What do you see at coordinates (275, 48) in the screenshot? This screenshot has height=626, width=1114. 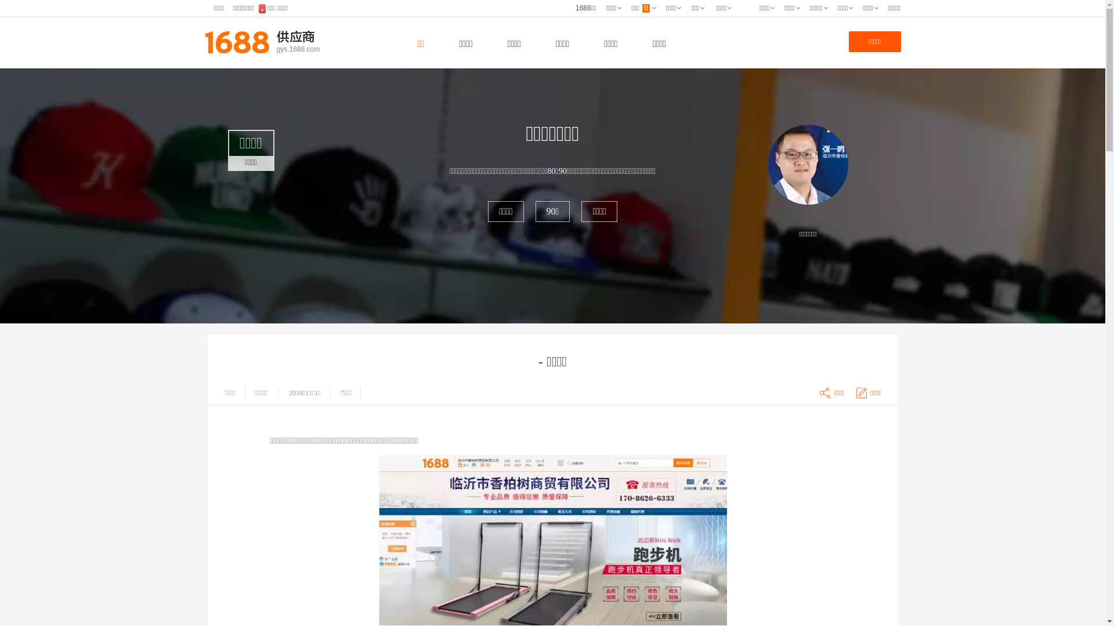 I see `'gys.1688.com'` at bounding box center [275, 48].